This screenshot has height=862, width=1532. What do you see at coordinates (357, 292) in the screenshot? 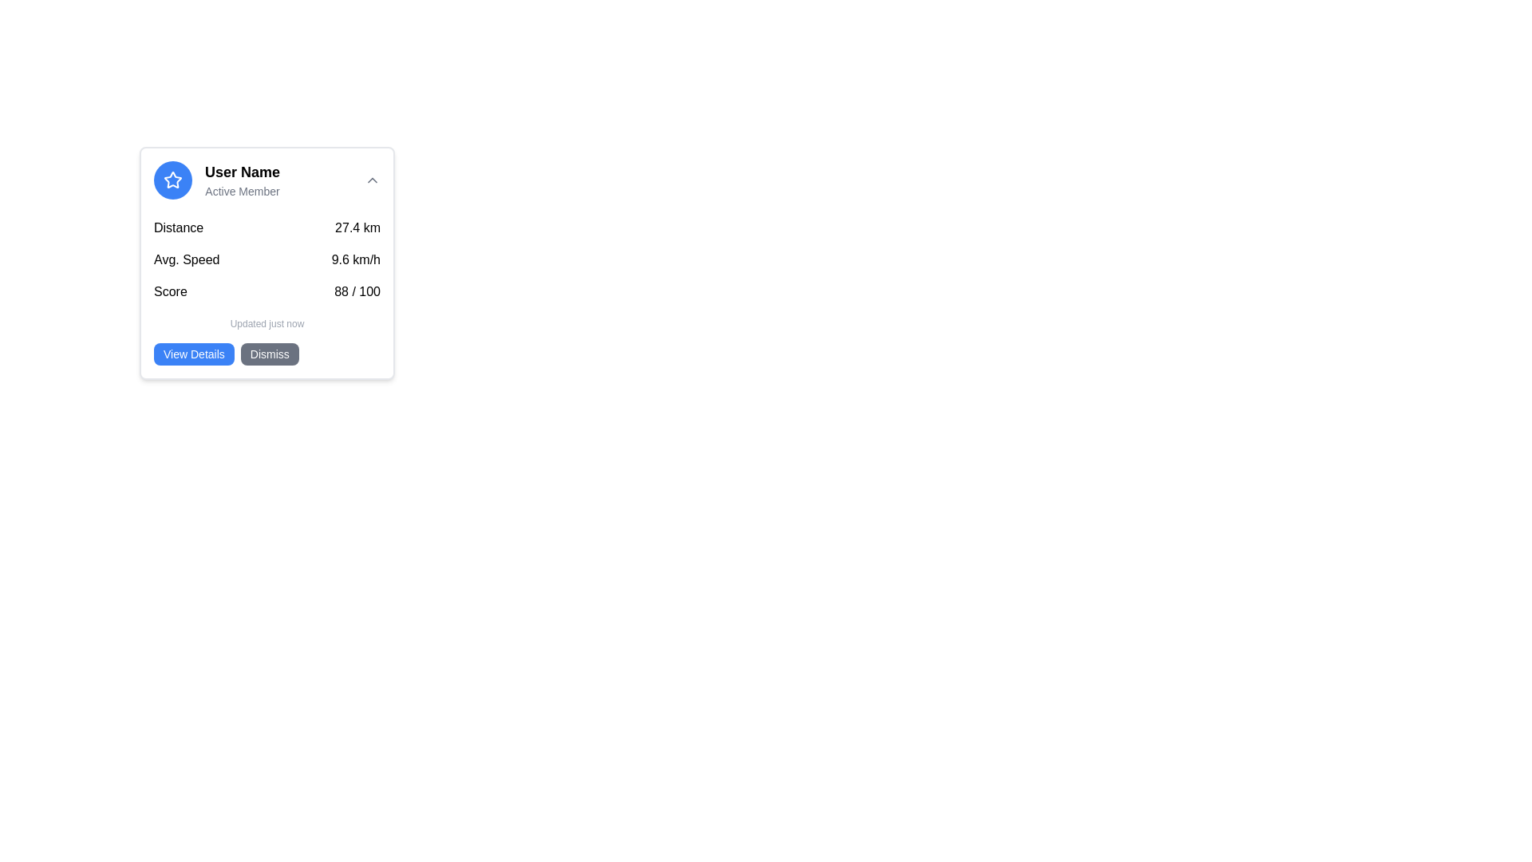
I see `the Text label displaying the user's score, located in the right half of the horizontal arrangement under the 'Score' label` at bounding box center [357, 292].